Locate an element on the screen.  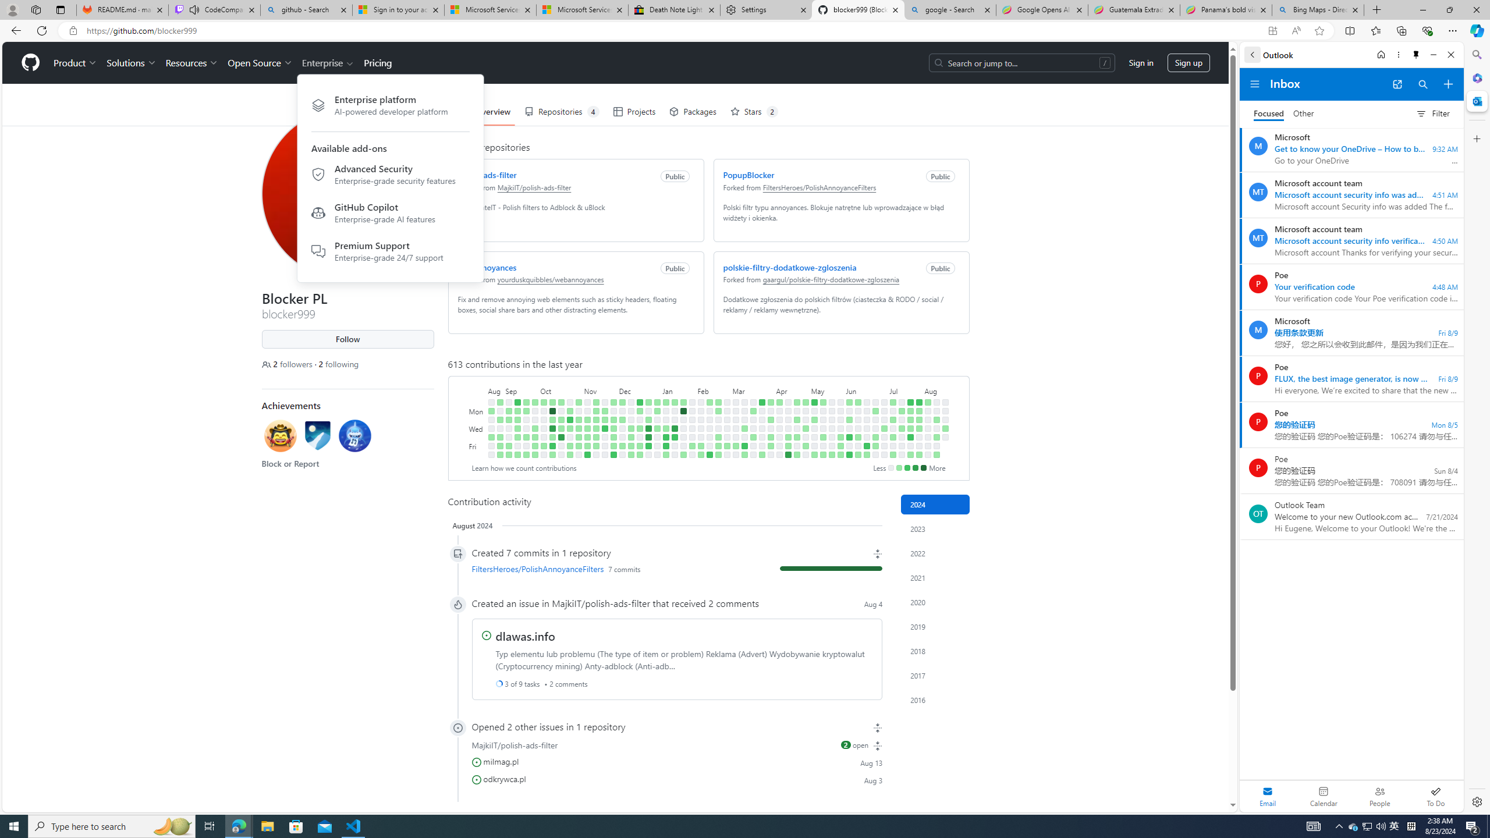
'No contributions on February 20th.' is located at coordinates (717, 419).